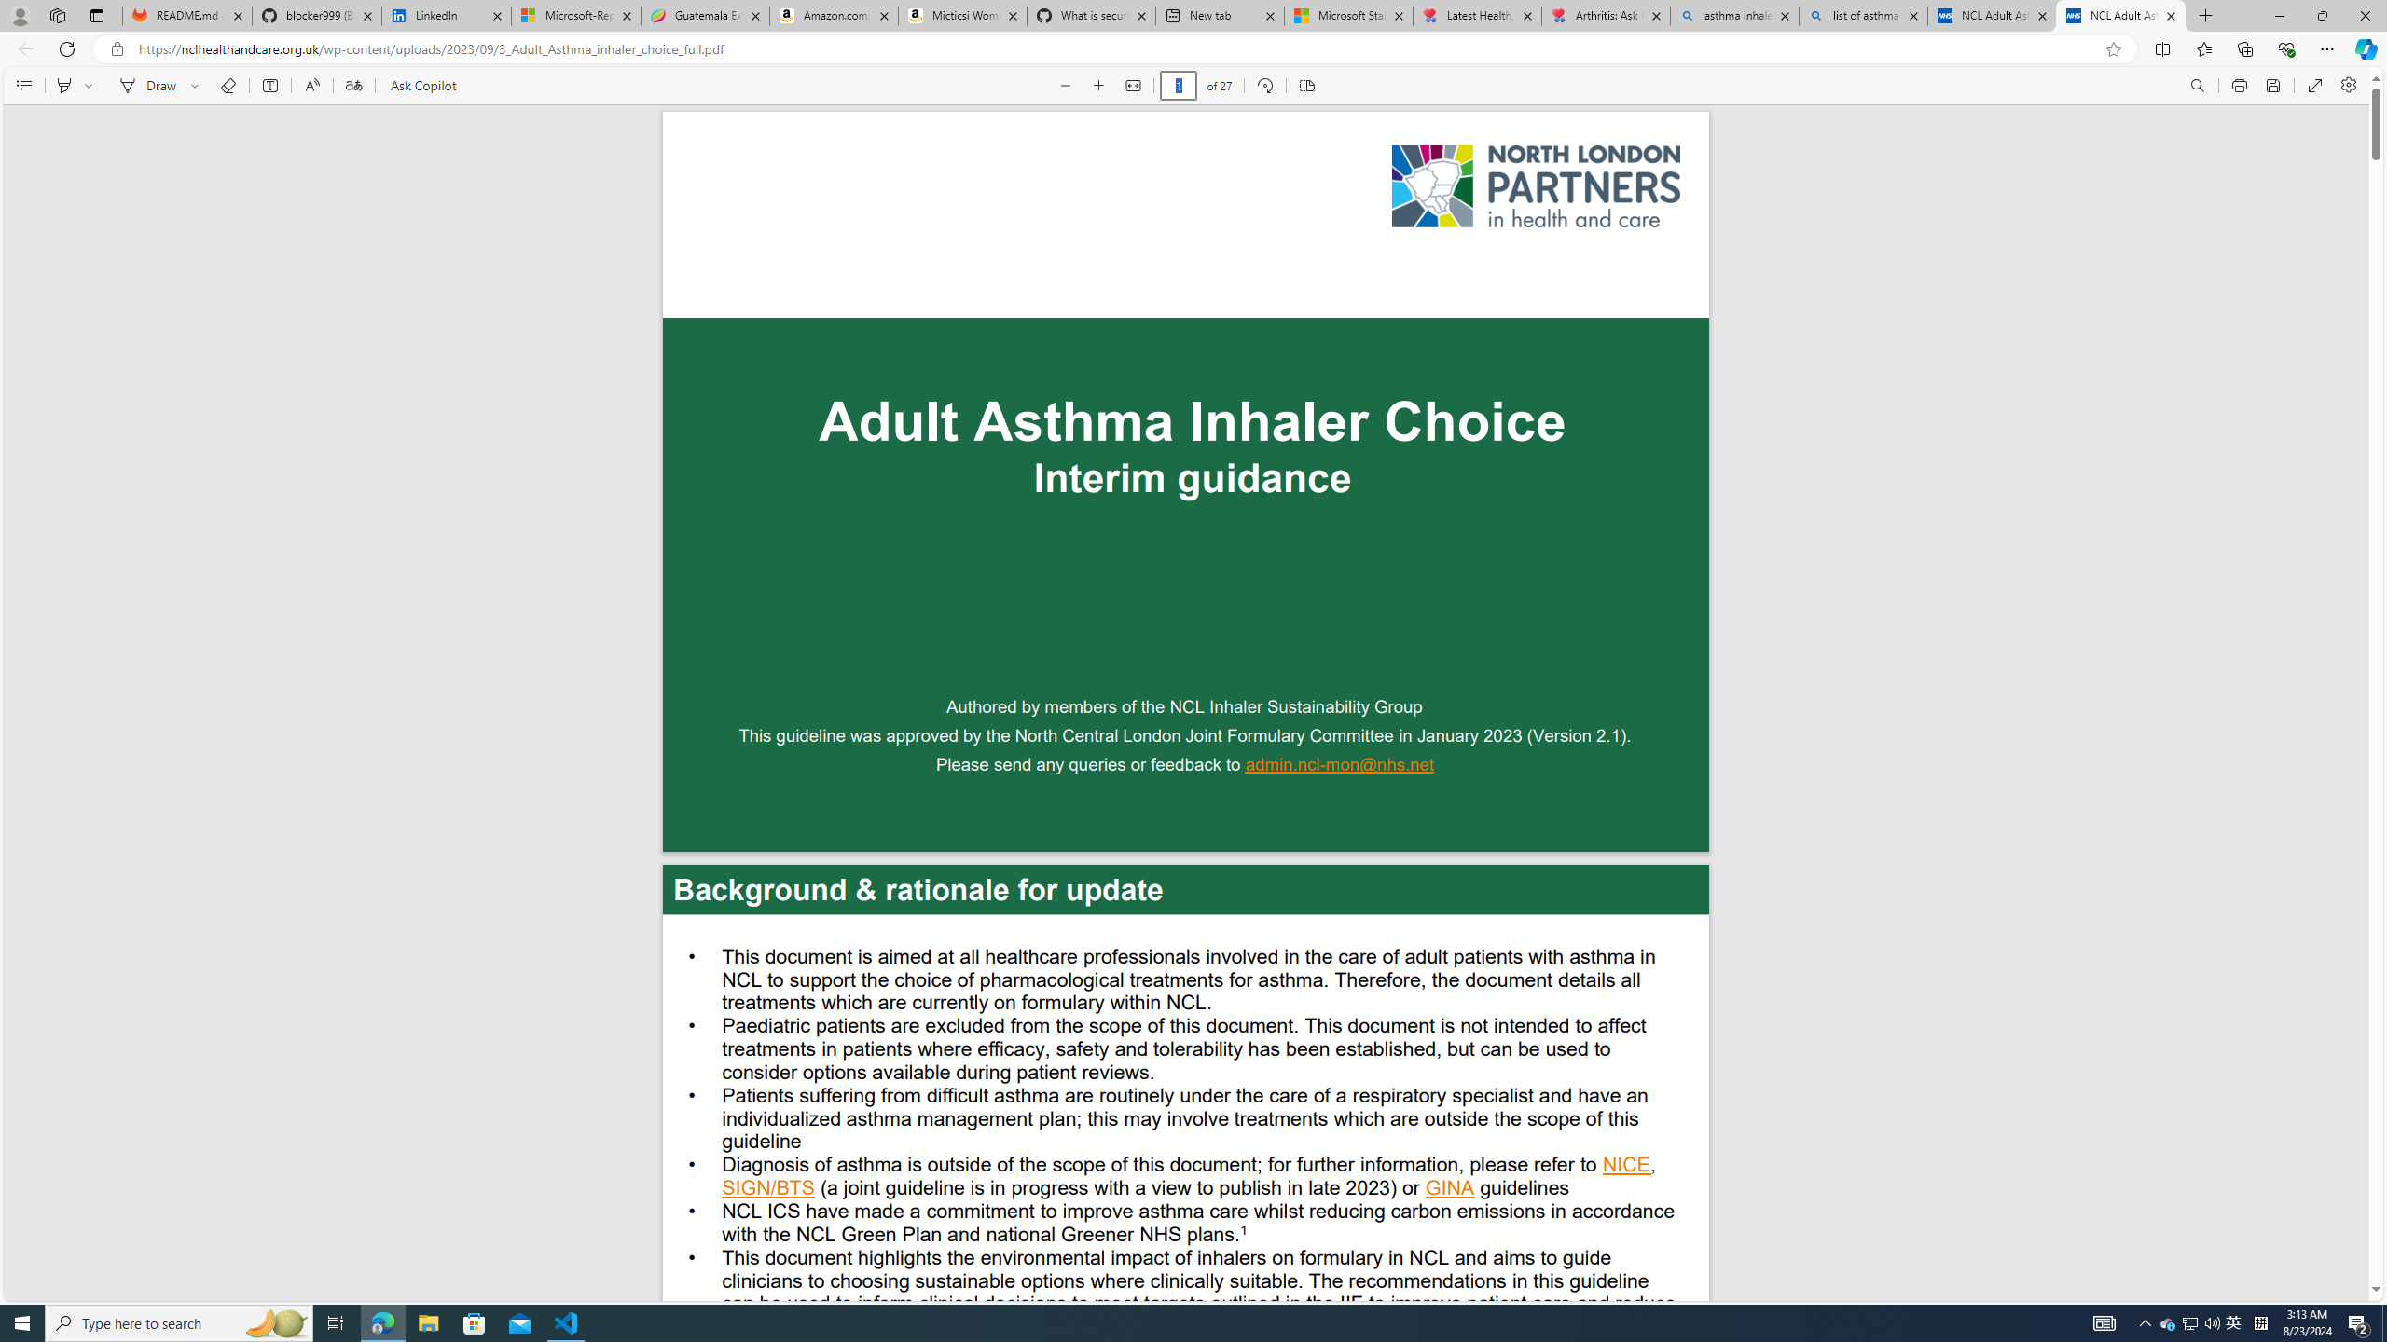 The image size is (2387, 1342). I want to click on 'asthma inhaler - Search', so click(1732, 15).